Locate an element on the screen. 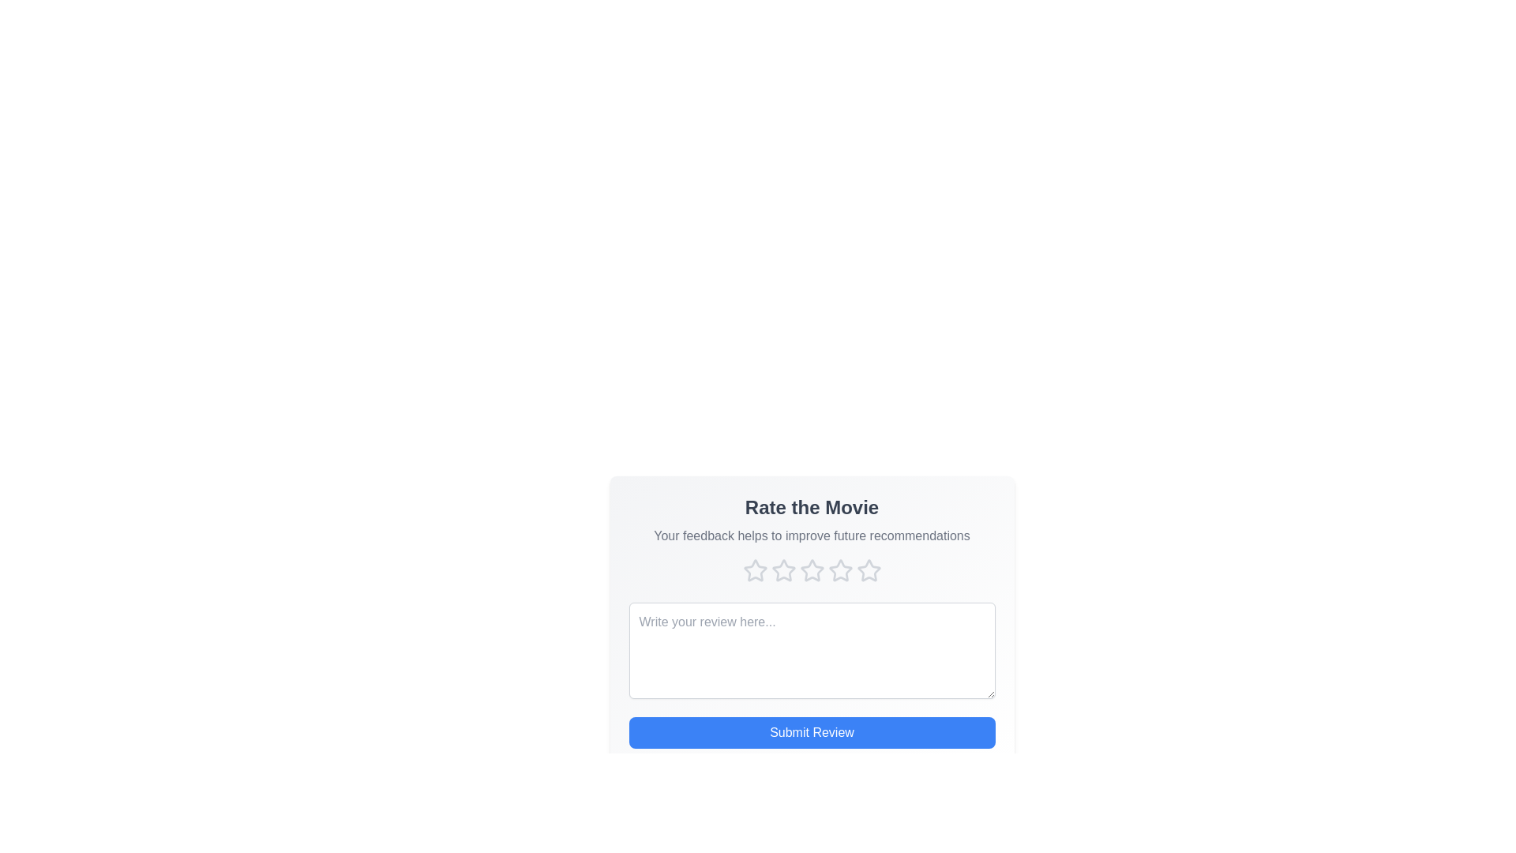 The width and height of the screenshot is (1516, 853). the first star icon in the rating system under 'Rate the Movie' is located at coordinates (753, 569).